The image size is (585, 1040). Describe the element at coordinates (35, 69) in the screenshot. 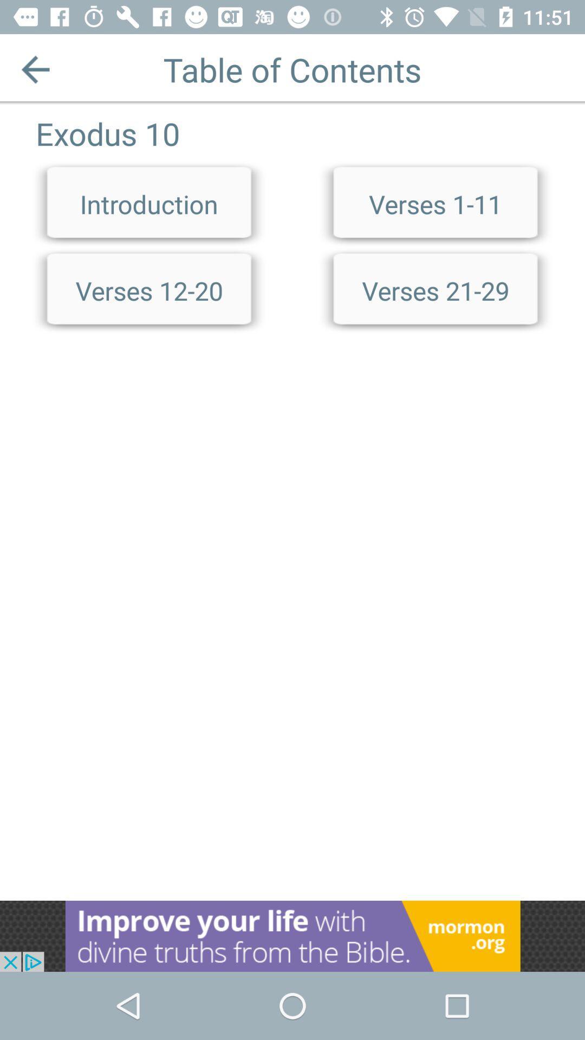

I see `previous` at that location.